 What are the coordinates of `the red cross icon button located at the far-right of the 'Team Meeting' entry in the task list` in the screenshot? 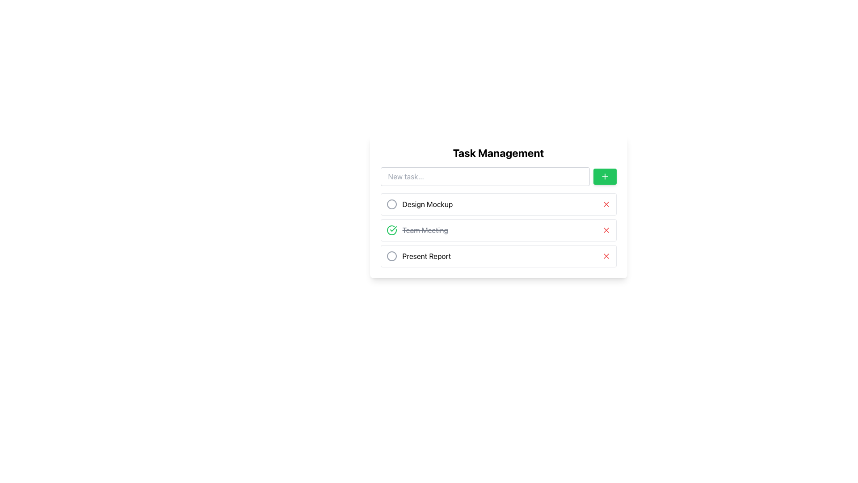 It's located at (606, 230).